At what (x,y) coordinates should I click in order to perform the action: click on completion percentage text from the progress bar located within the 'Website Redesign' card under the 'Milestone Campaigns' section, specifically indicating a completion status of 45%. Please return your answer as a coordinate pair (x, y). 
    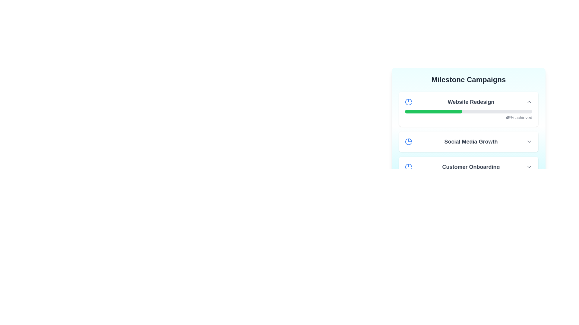
    Looking at the image, I should click on (468, 115).